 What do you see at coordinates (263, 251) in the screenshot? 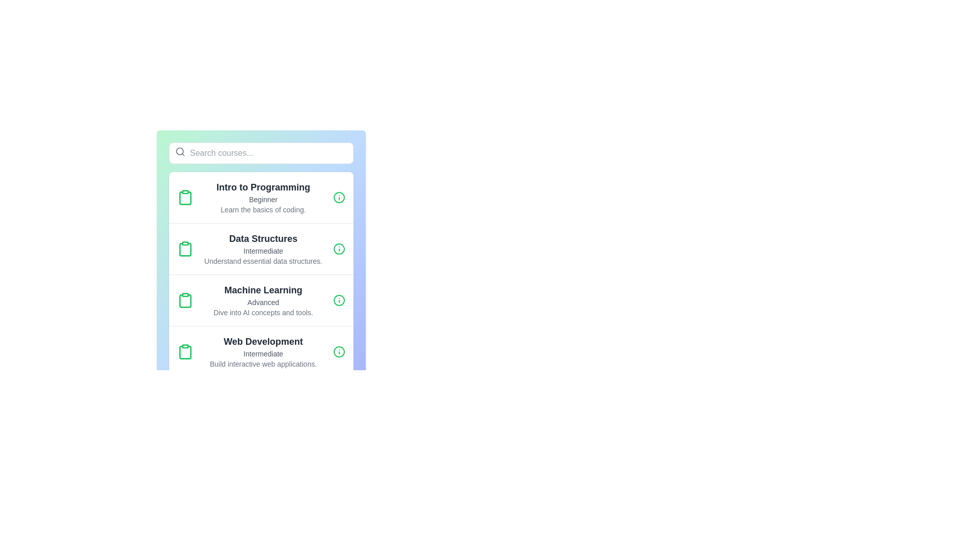
I see `text of the 'Intermediate' label, which is a small gray text positioned below 'Data Structures' and above 'Understand essential data structures.'` at bounding box center [263, 251].